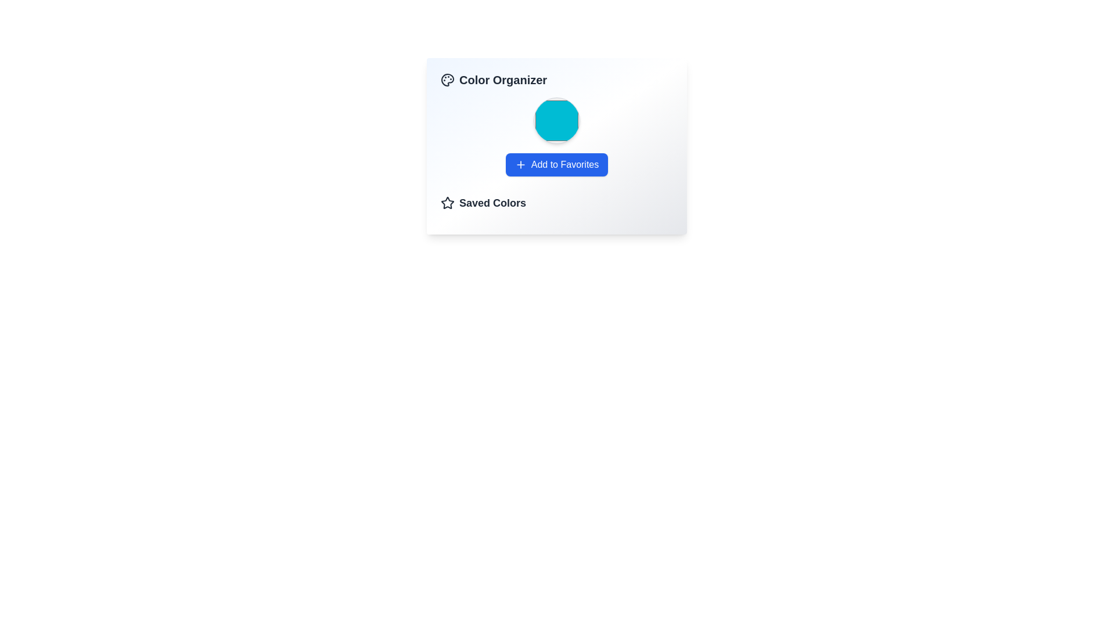 Image resolution: width=1115 pixels, height=627 pixels. What do you see at coordinates (447, 202) in the screenshot?
I see `star-shaped icon with a hollow center, outlined in black, located next to the 'Saved Colors' label at the bottom-left of the card` at bounding box center [447, 202].